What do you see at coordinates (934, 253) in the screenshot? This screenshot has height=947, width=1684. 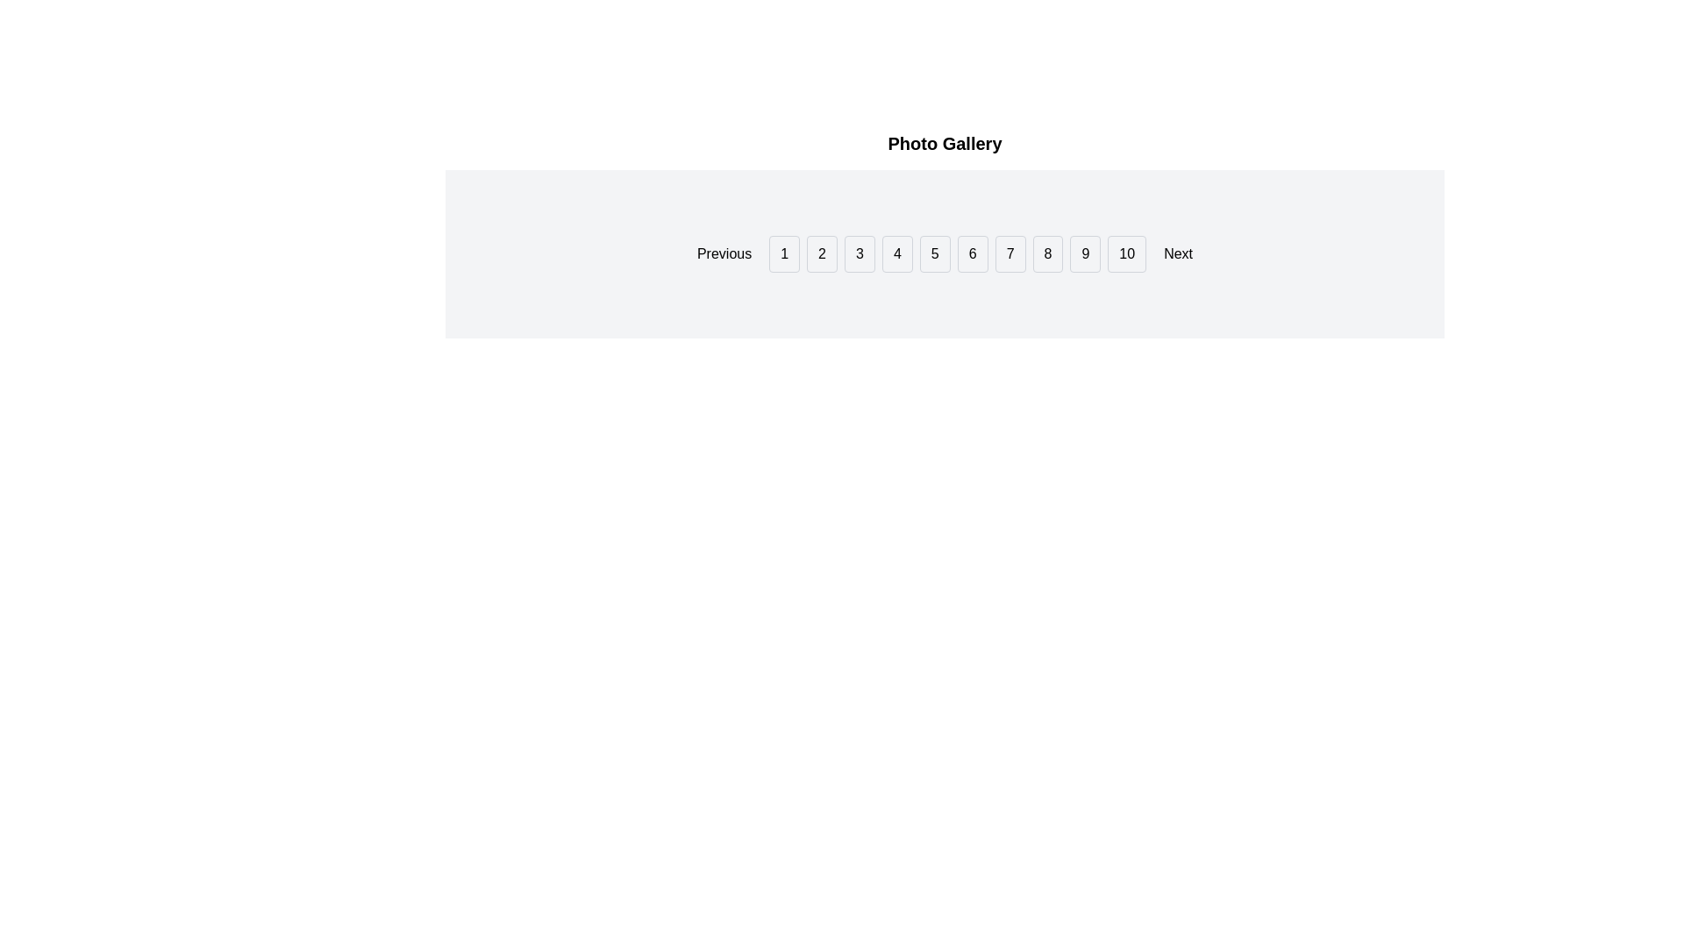 I see `the button labeled '5' in the pagination bar below 'Photo Gallery'` at bounding box center [934, 253].